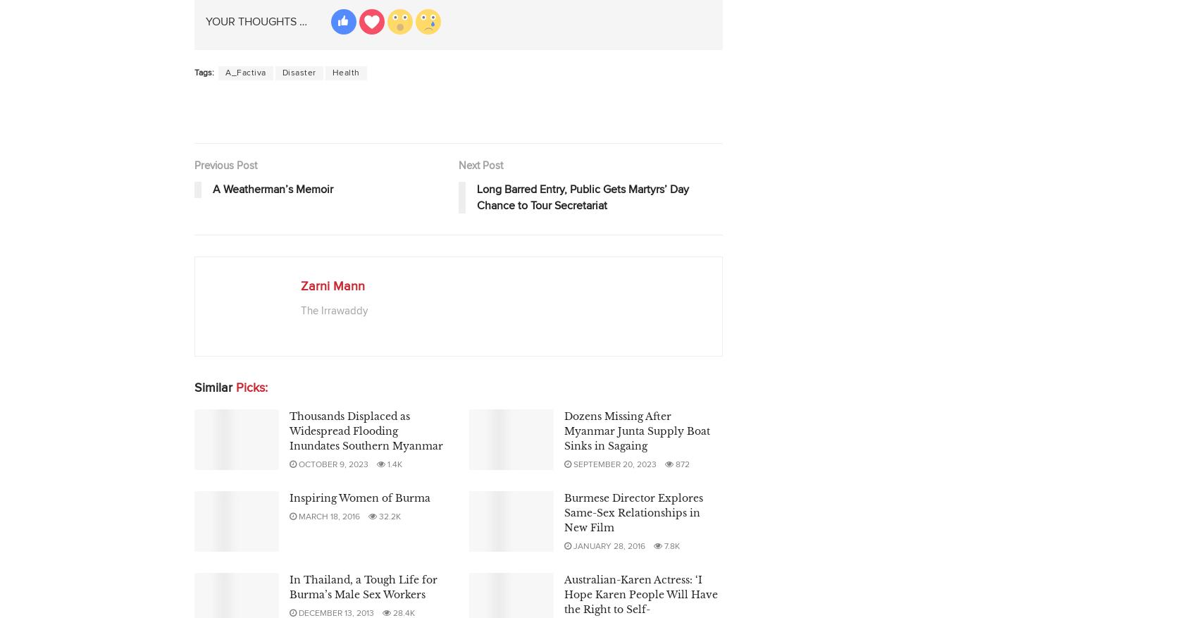 Image resolution: width=1192 pixels, height=618 pixels. I want to click on 'Previous Post', so click(225, 165).